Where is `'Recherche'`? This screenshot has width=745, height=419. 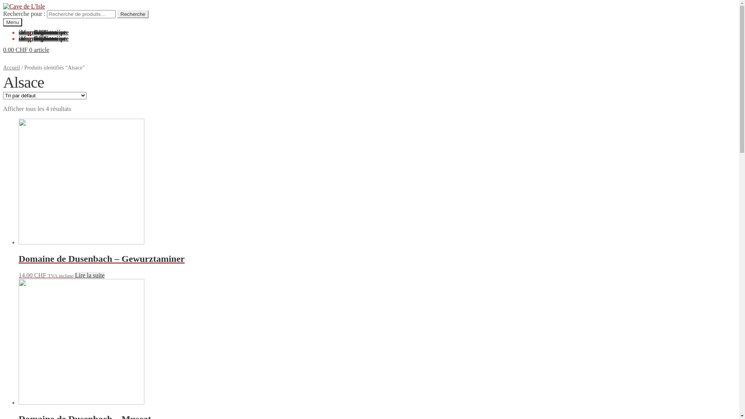
'Recherche' is located at coordinates (117, 14).